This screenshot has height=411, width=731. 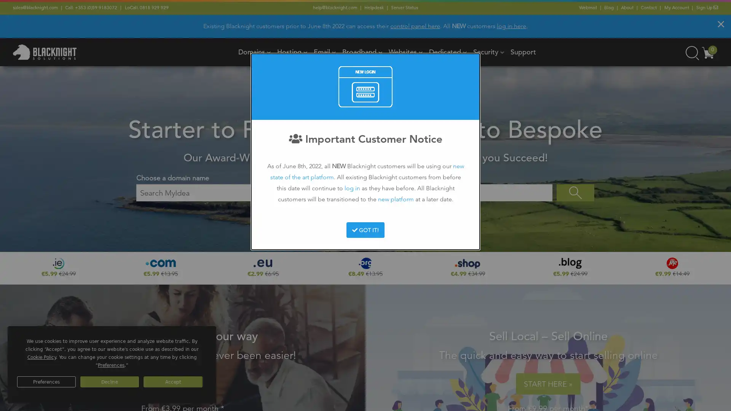 I want to click on Dismiss alert, so click(x=720, y=23).